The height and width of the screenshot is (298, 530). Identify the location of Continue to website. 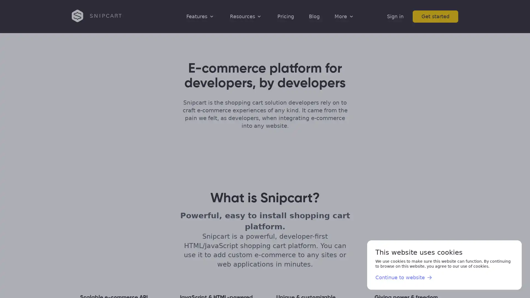
(404, 278).